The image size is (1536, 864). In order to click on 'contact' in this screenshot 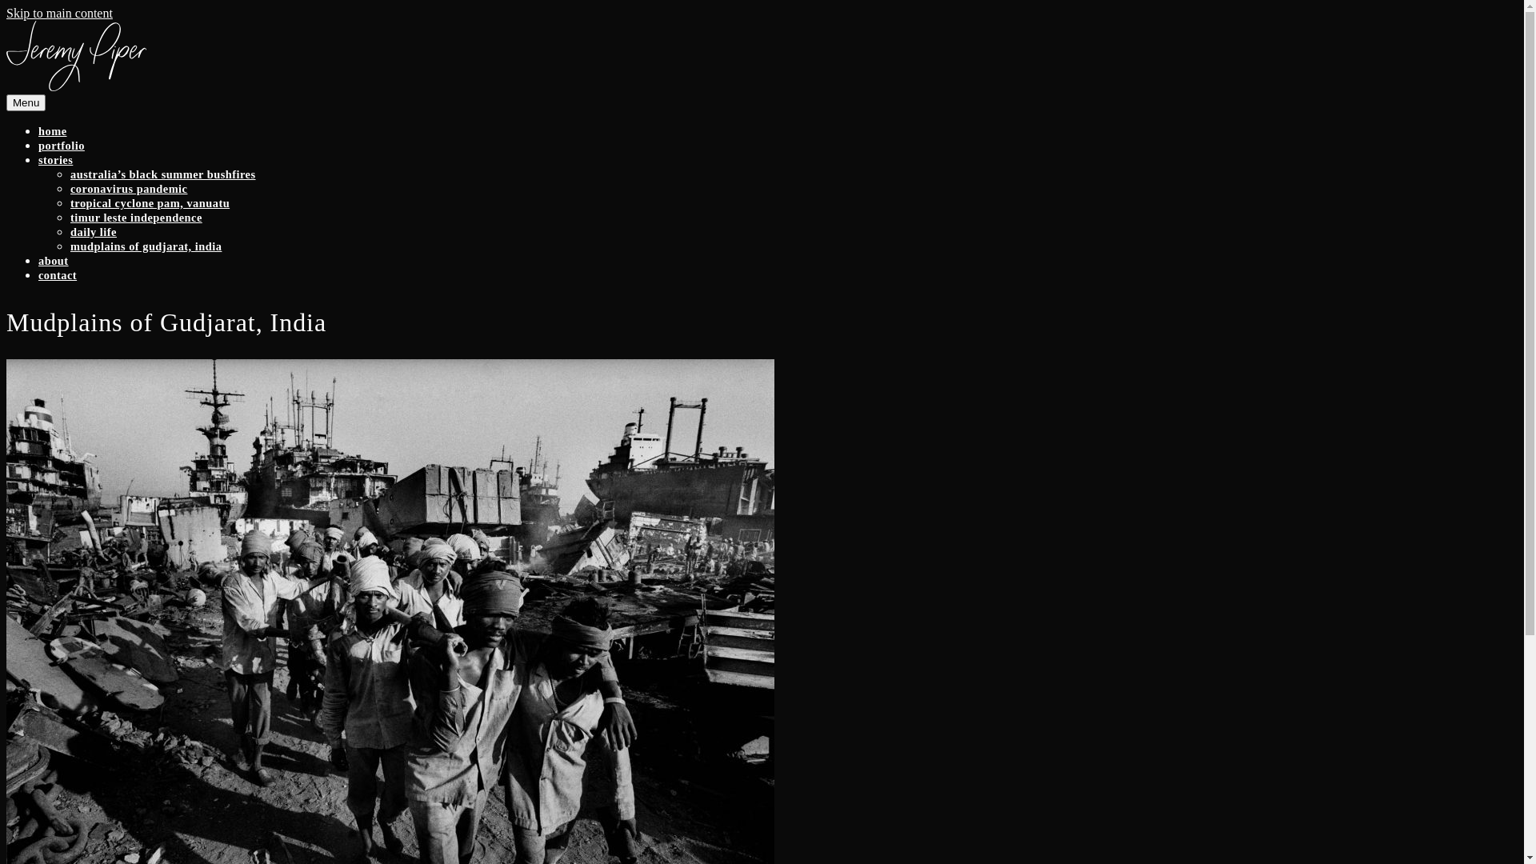, I will do `click(58, 274)`.